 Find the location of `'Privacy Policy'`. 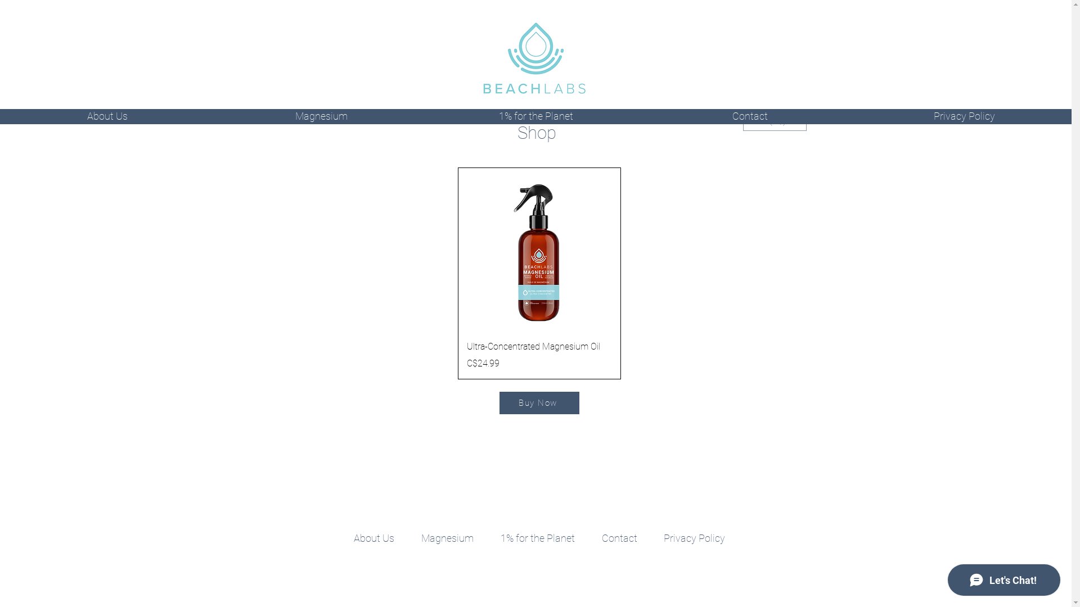

'Privacy Policy' is located at coordinates (693, 537).